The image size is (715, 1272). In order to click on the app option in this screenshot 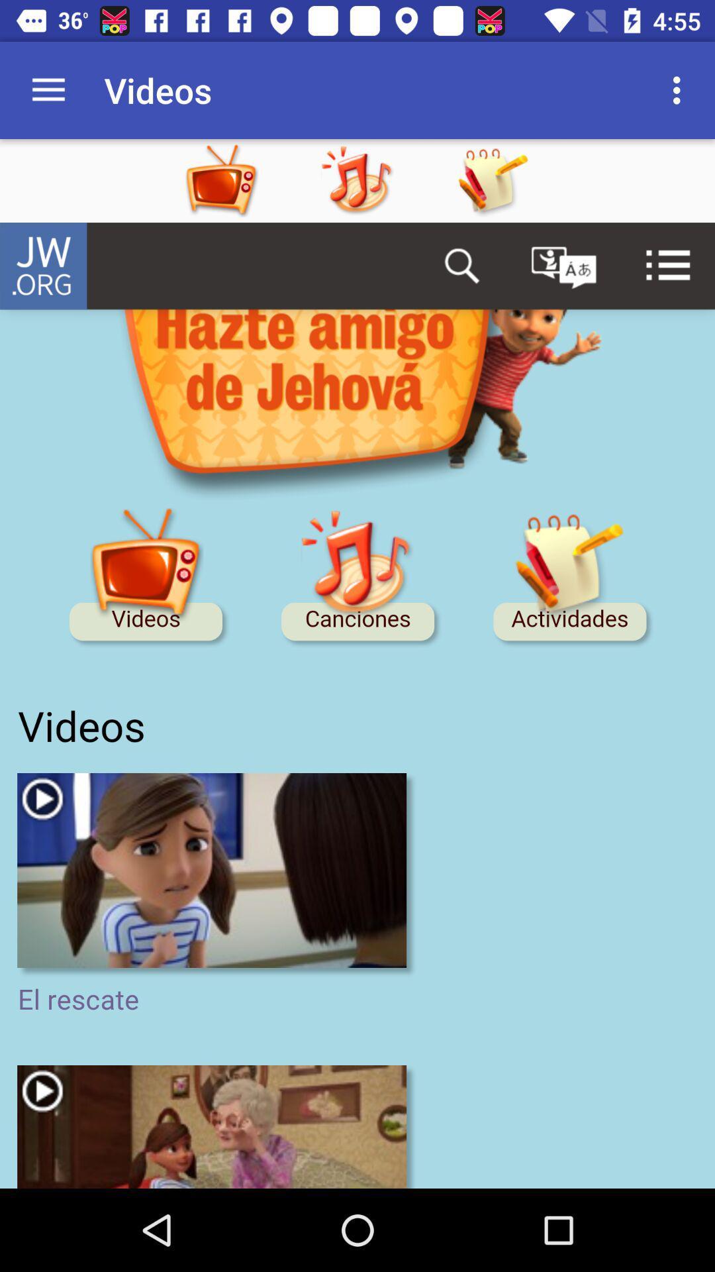, I will do `click(493, 180)`.